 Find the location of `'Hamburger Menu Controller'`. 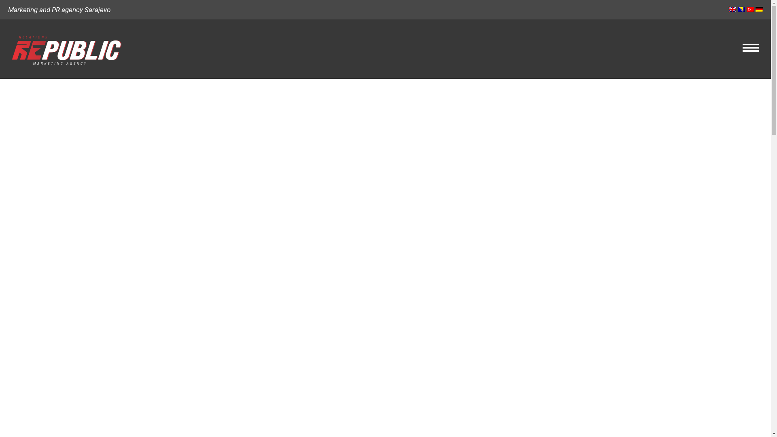

'Hamburger Menu Controller' is located at coordinates (750, 48).